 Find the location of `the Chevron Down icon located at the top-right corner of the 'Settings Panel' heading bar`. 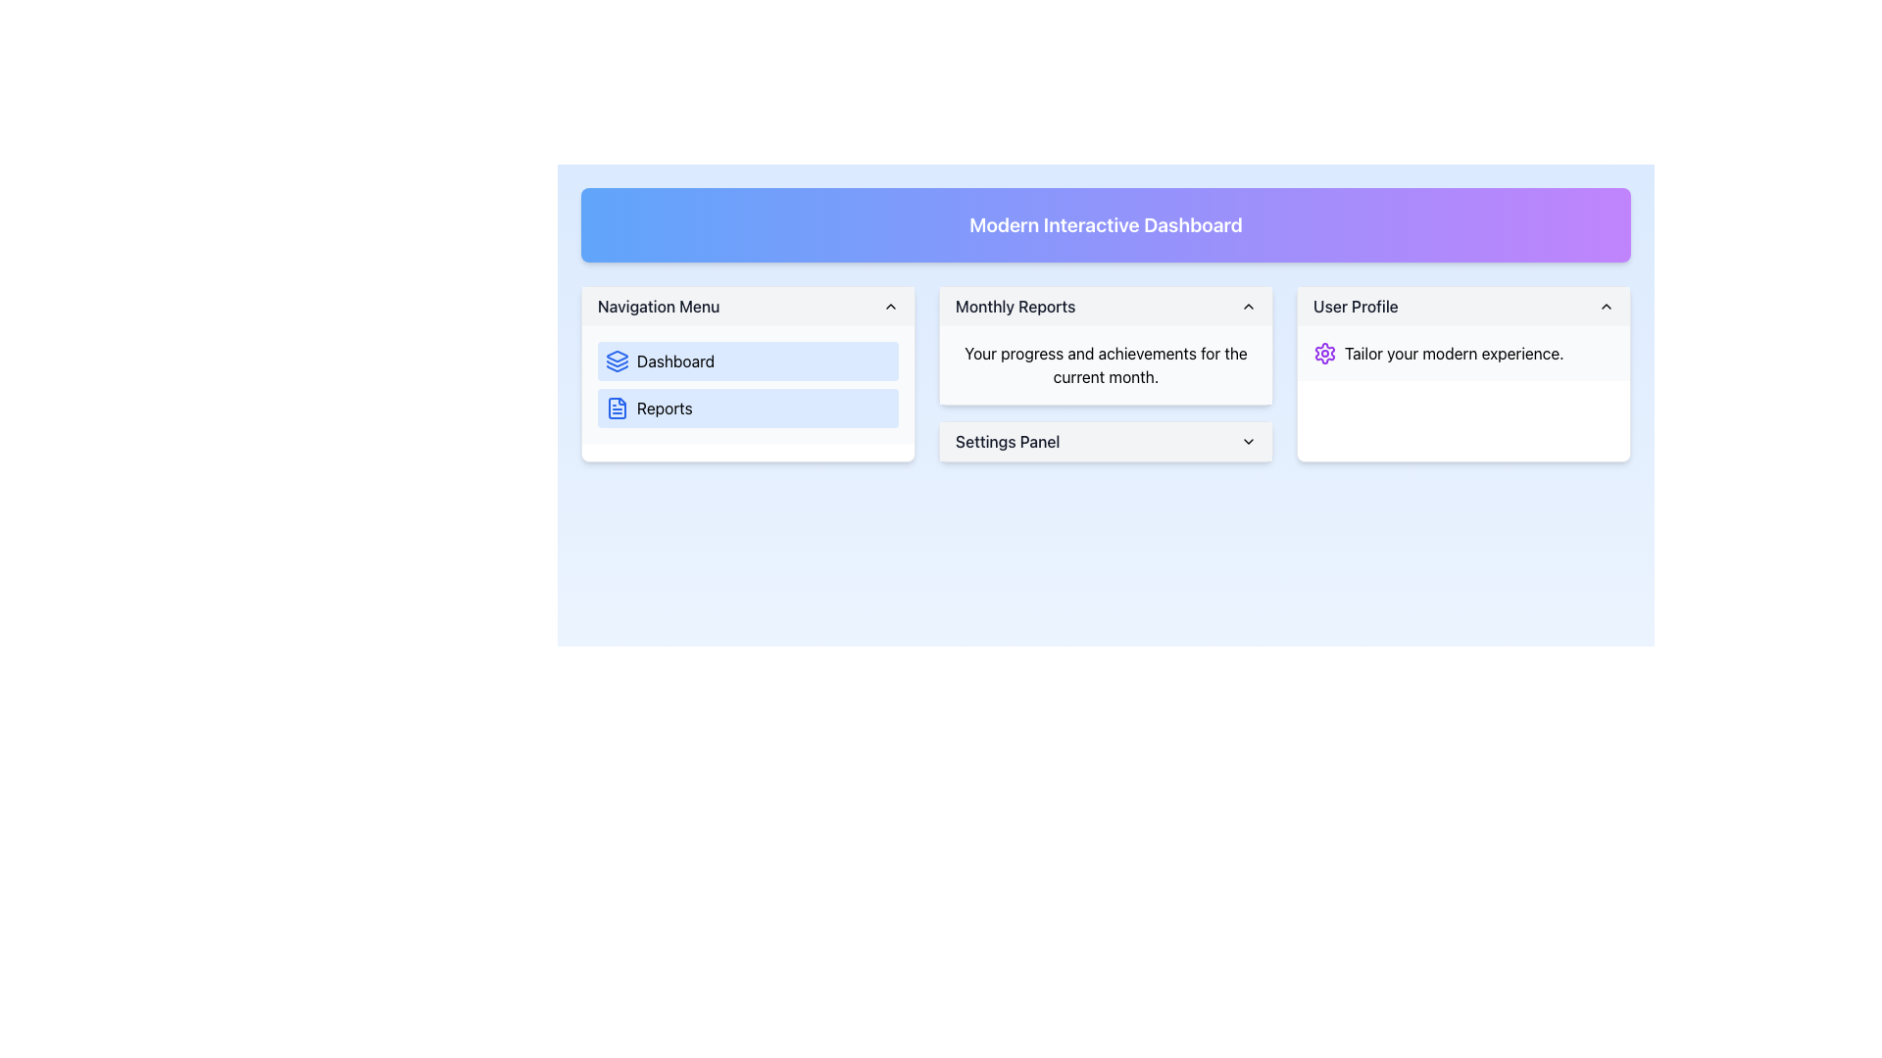

the Chevron Down icon located at the top-right corner of the 'Settings Panel' heading bar is located at coordinates (1247, 442).